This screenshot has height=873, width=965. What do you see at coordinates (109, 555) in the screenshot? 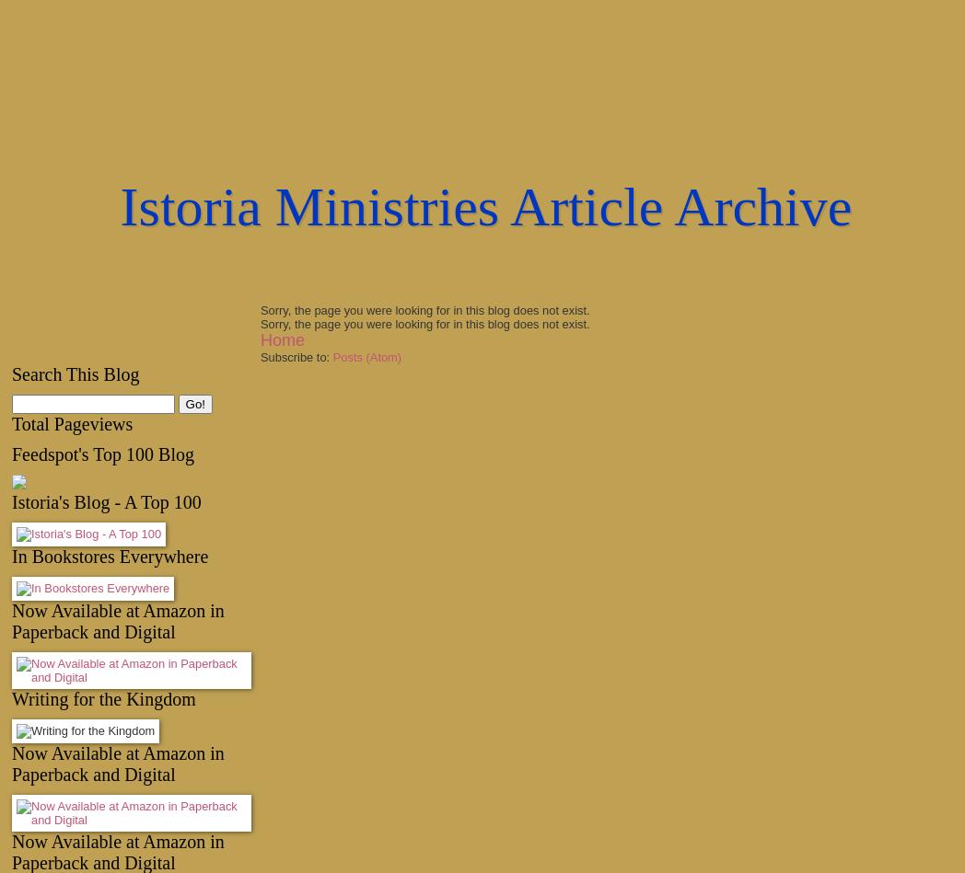
I see `'In Bookstores Everywhere'` at bounding box center [109, 555].